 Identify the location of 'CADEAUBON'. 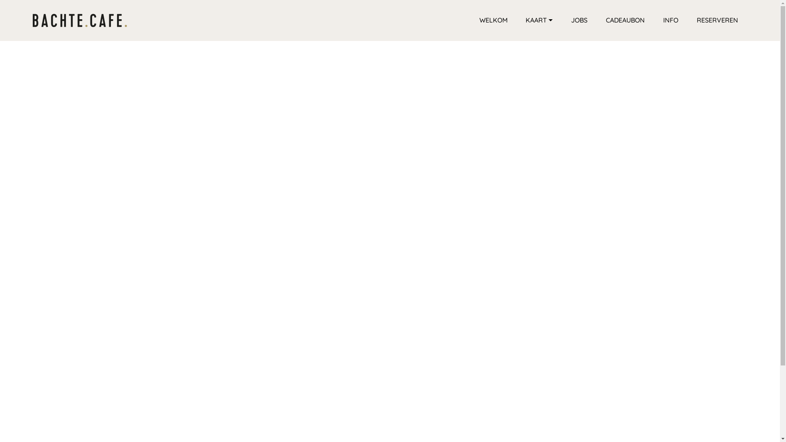
(625, 20).